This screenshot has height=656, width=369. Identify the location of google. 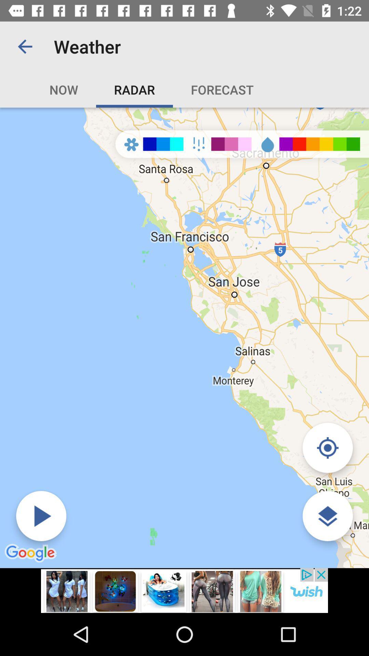
(31, 553).